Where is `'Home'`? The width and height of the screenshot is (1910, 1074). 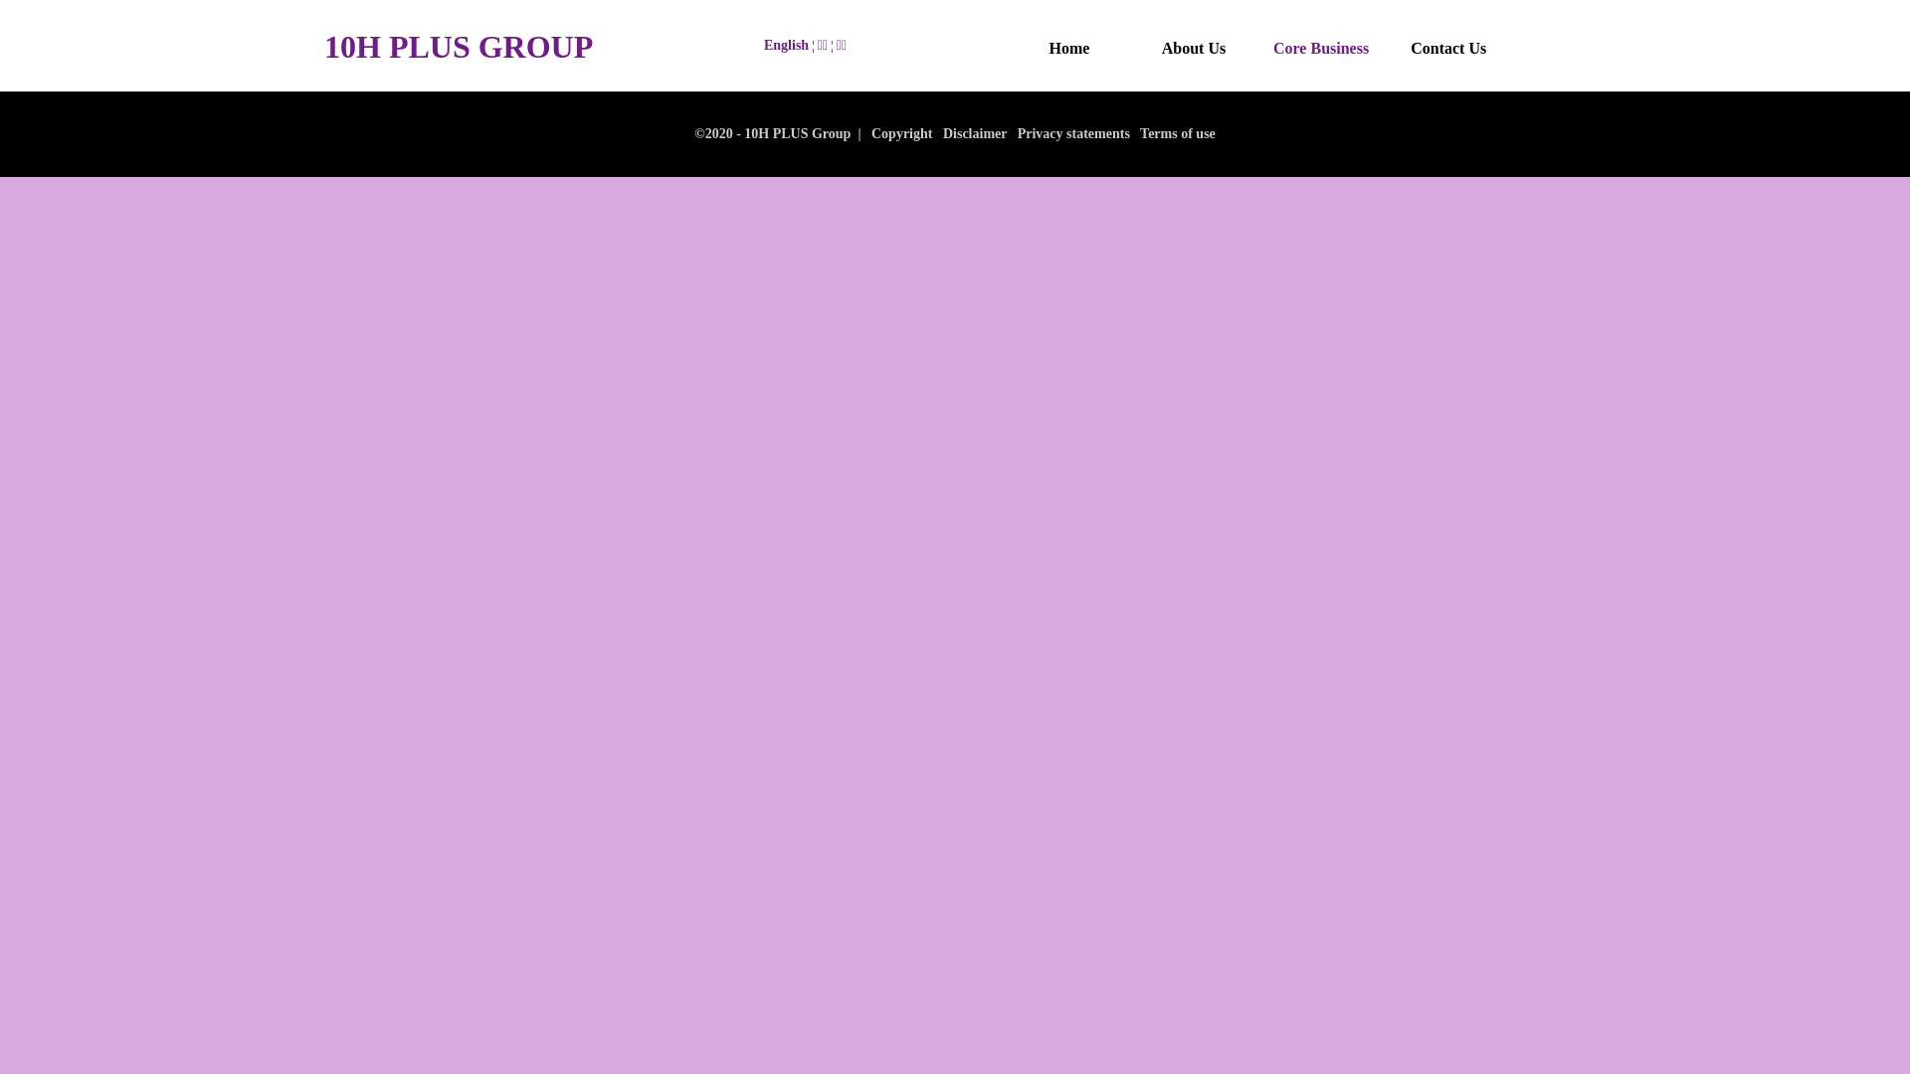 'Home' is located at coordinates (1014, 48).